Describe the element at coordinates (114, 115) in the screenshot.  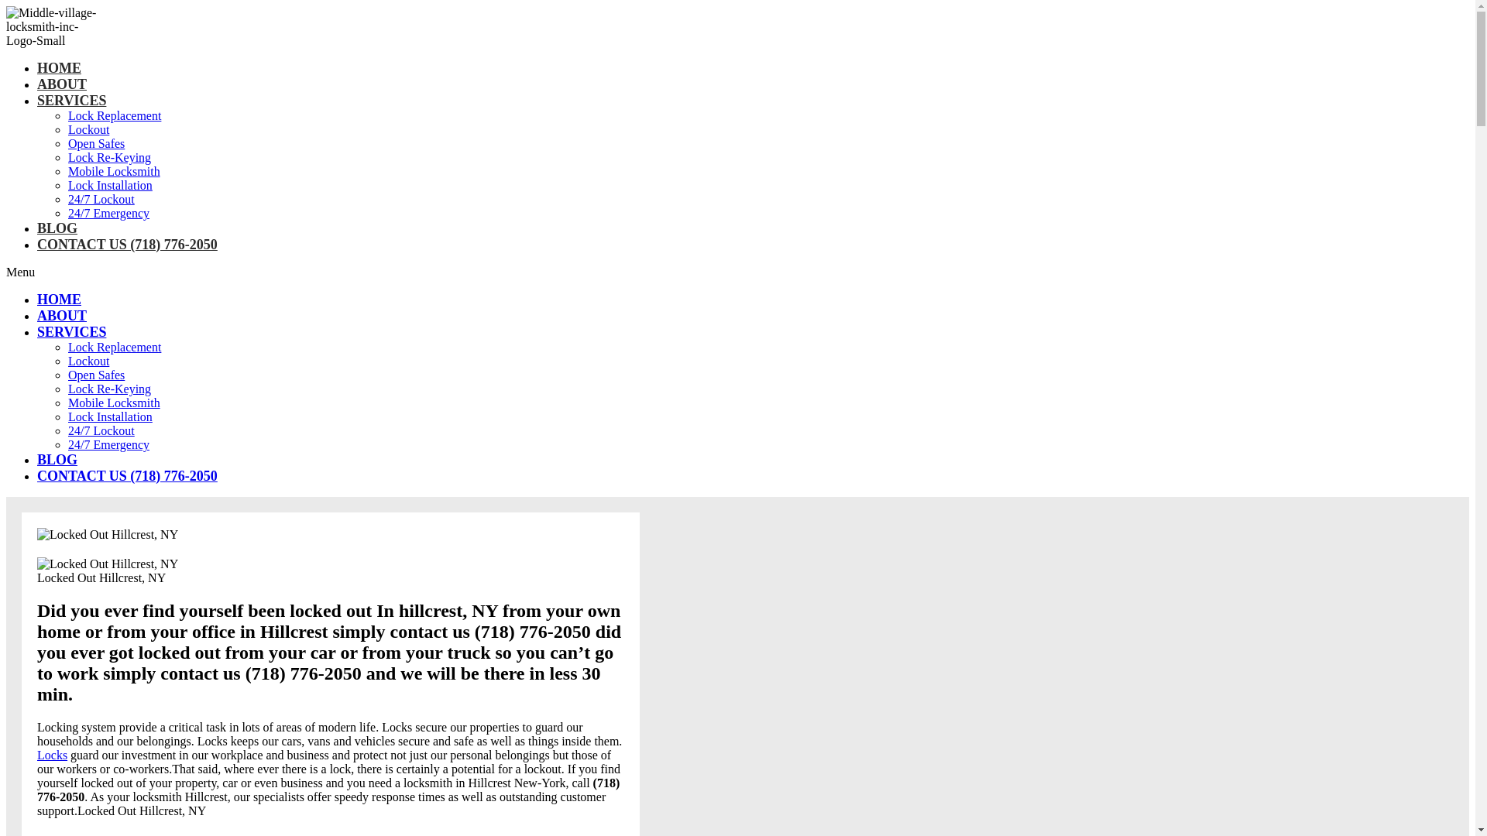
I see `'Lock Replacement'` at that location.